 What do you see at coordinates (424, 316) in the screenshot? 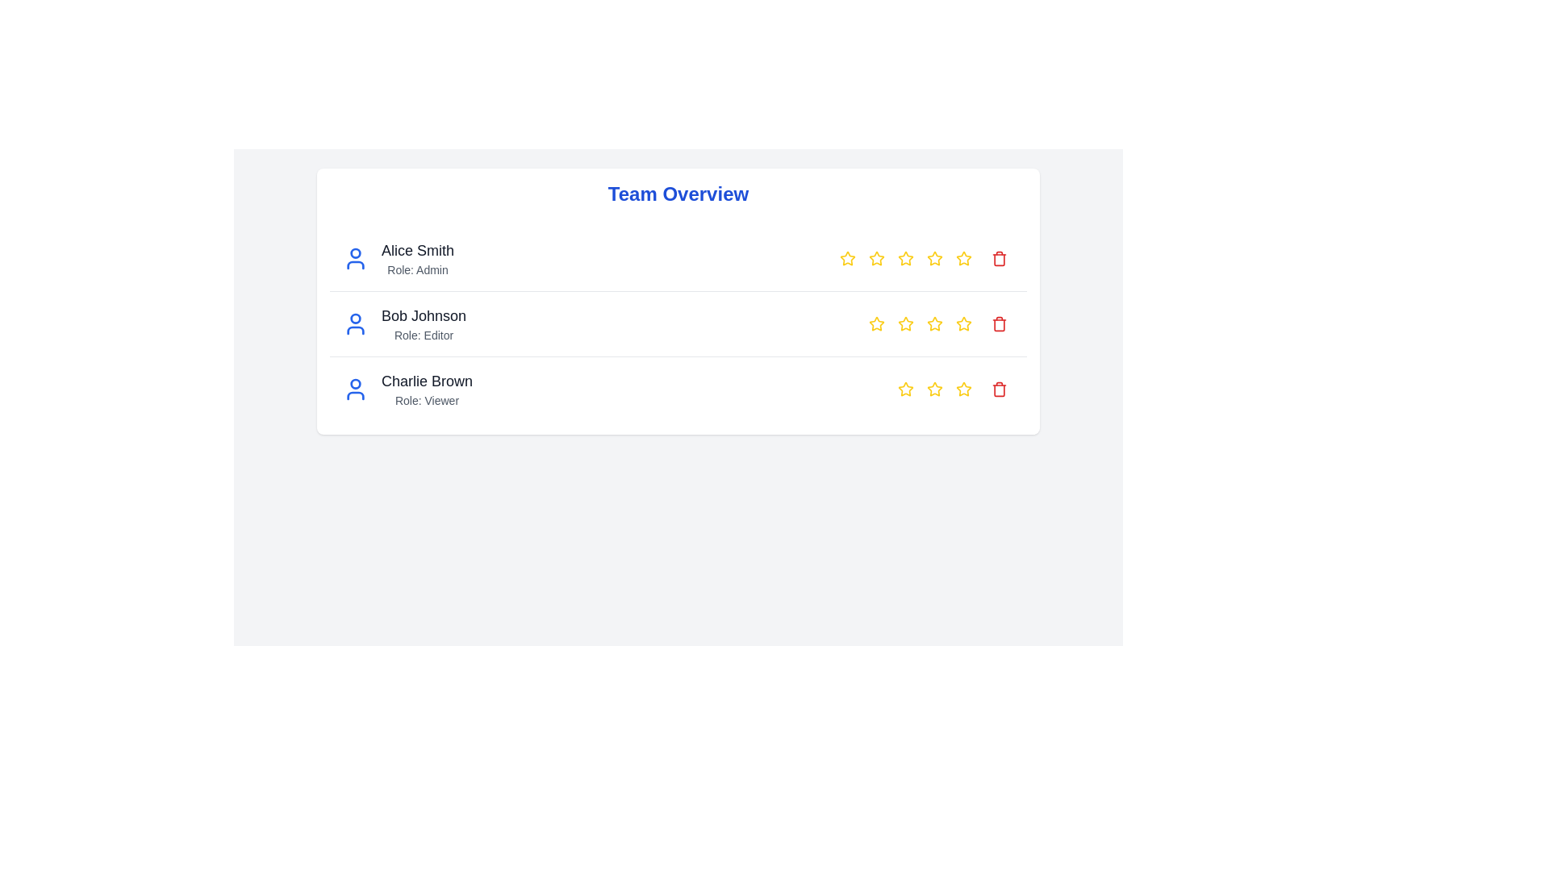
I see `the static text label displaying the user's name 'Bob Johnson', which is positioned at the top of a two-line group, directly under 'Alice Smith' and above 'Charlie Brown'` at bounding box center [424, 316].